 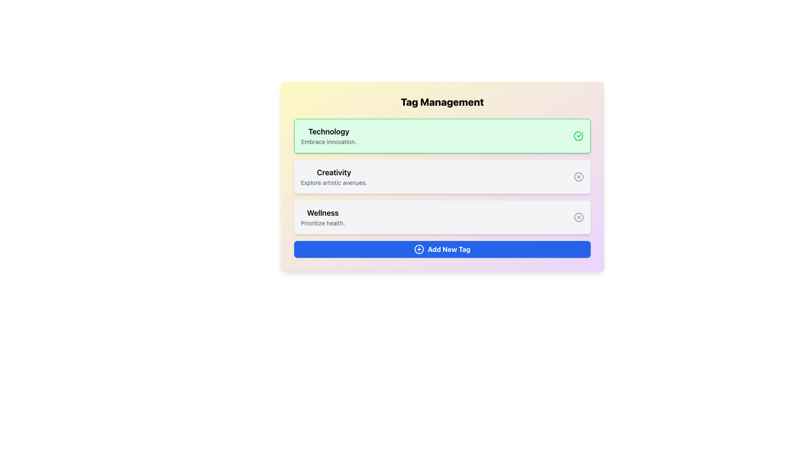 I want to click on the SVG Circle Element that serves as the outer boundary of the cancel icon, positioned adjacent to the 'Creativity' tag entry, so click(x=578, y=177).